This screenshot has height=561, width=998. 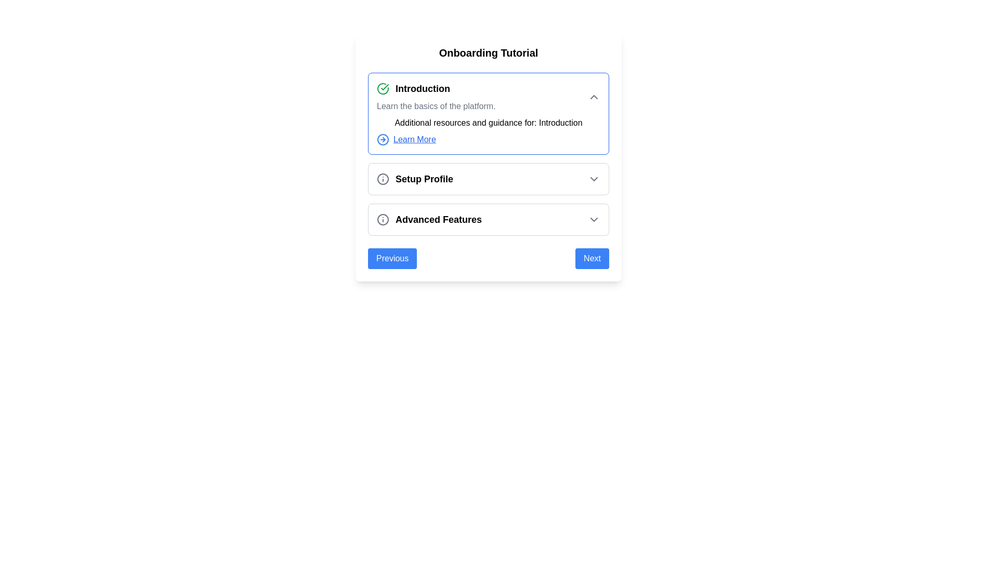 I want to click on the 'Advanced Features' text label, which is styled in bold and large font and serves as a heading in the modal layout, positioned next to an information icon, so click(x=439, y=219).